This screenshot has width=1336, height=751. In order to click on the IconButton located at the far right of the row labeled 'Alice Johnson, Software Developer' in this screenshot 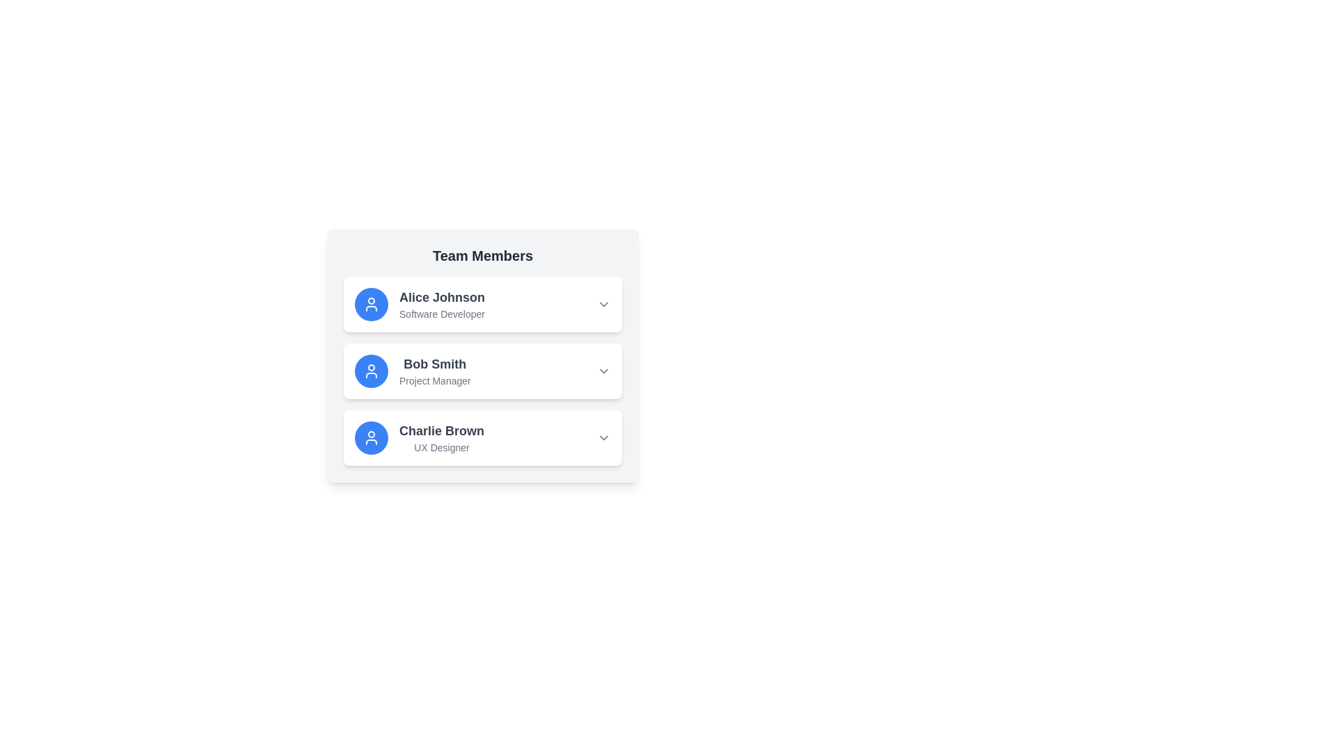, I will do `click(604, 304)`.